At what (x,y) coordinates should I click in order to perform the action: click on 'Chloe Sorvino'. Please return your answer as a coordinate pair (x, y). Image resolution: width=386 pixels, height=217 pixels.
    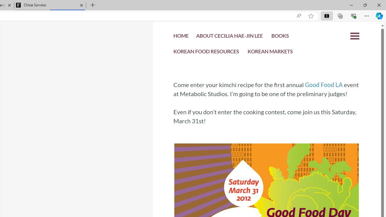
    Looking at the image, I should click on (50, 5).